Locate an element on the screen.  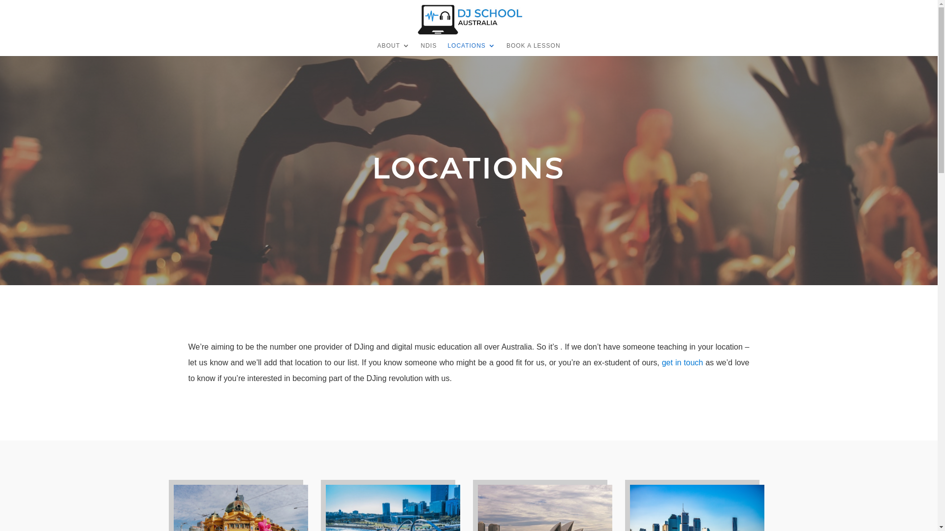
'ABOUT' is located at coordinates (392, 49).